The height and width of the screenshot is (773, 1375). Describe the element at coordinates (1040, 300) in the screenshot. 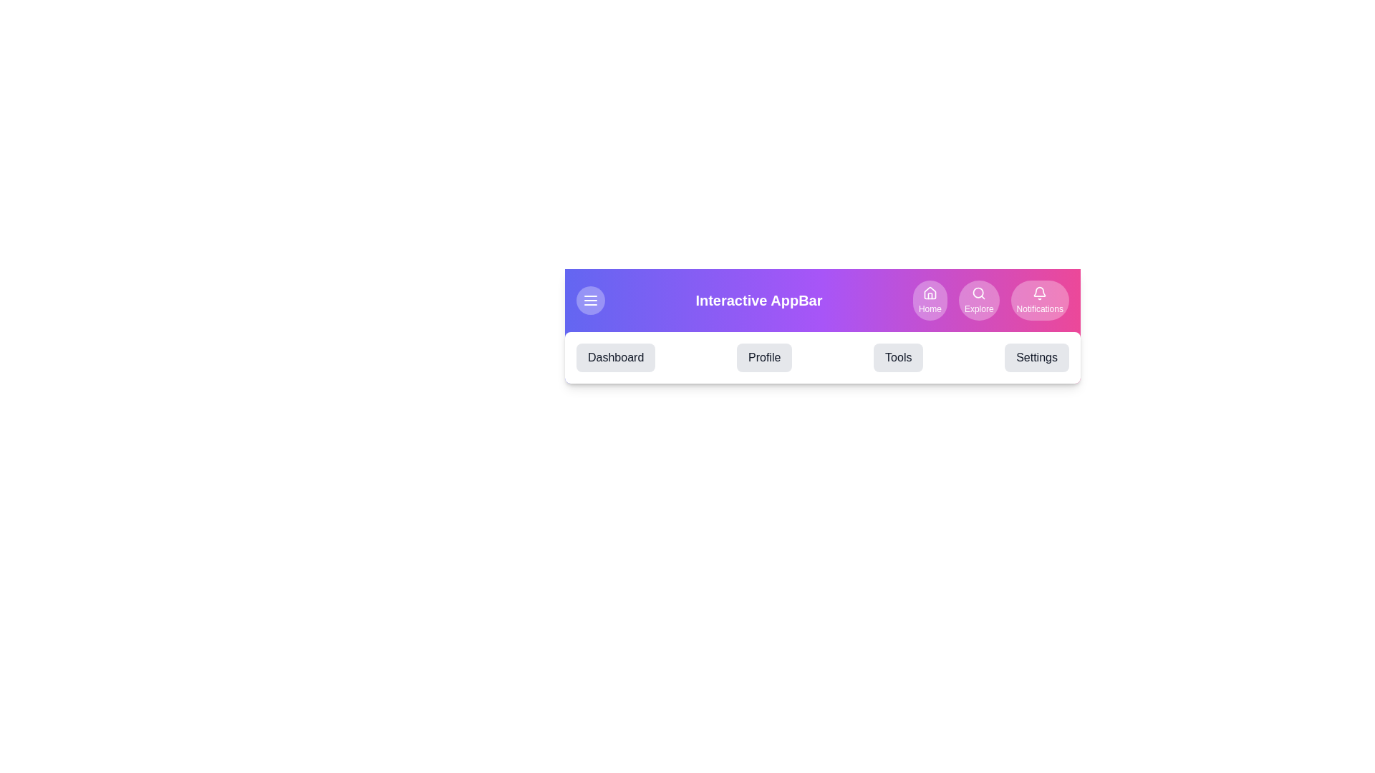

I see `the Notifications button to navigate to the respective section` at that location.